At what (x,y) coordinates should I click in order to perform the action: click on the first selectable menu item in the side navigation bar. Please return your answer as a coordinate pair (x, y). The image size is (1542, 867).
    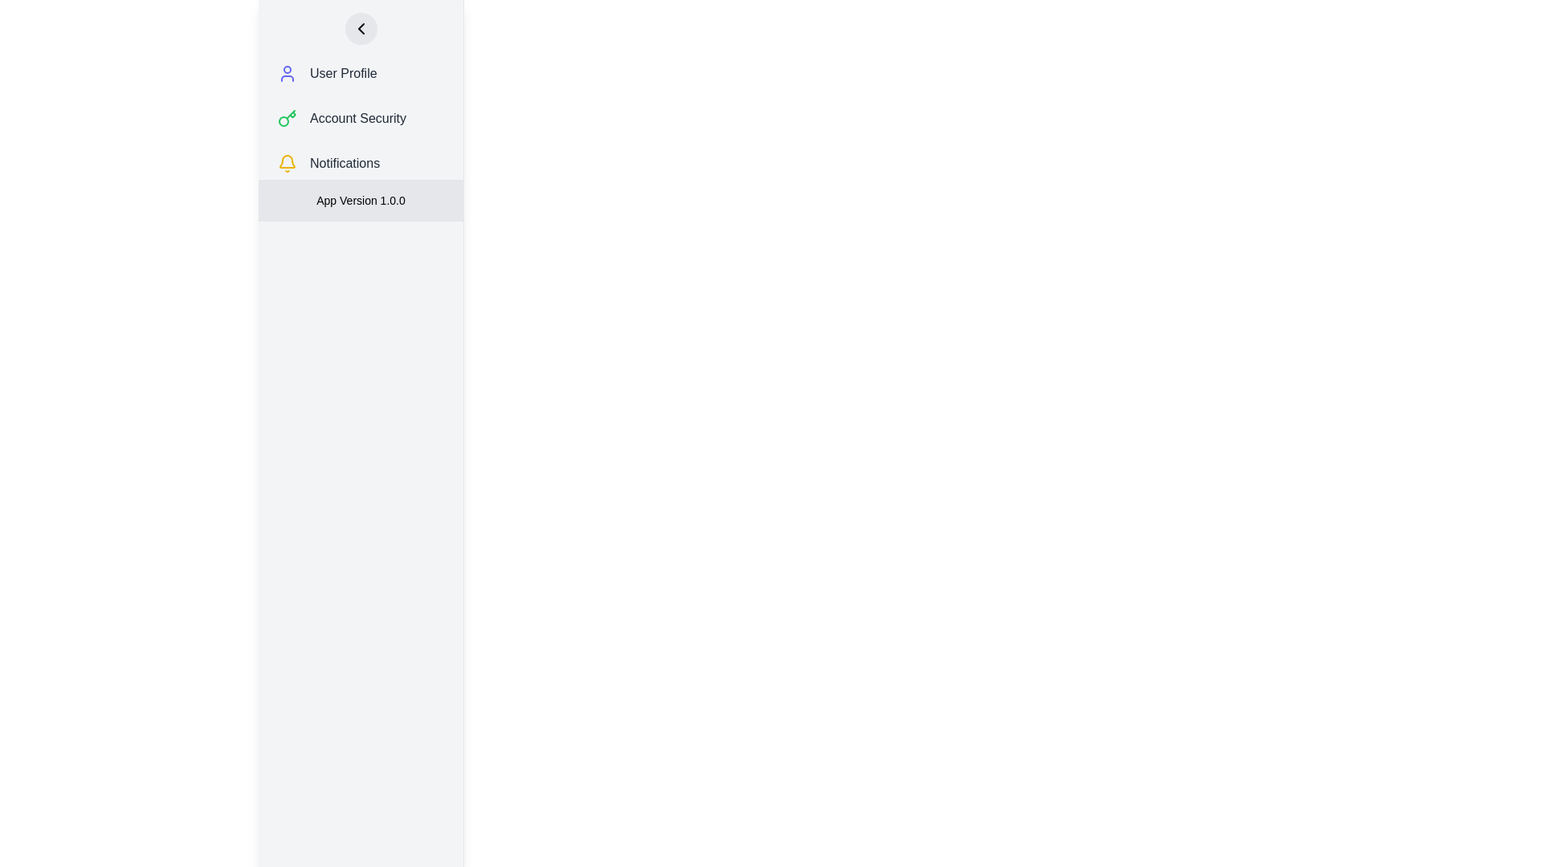
    Looking at the image, I should click on (360, 74).